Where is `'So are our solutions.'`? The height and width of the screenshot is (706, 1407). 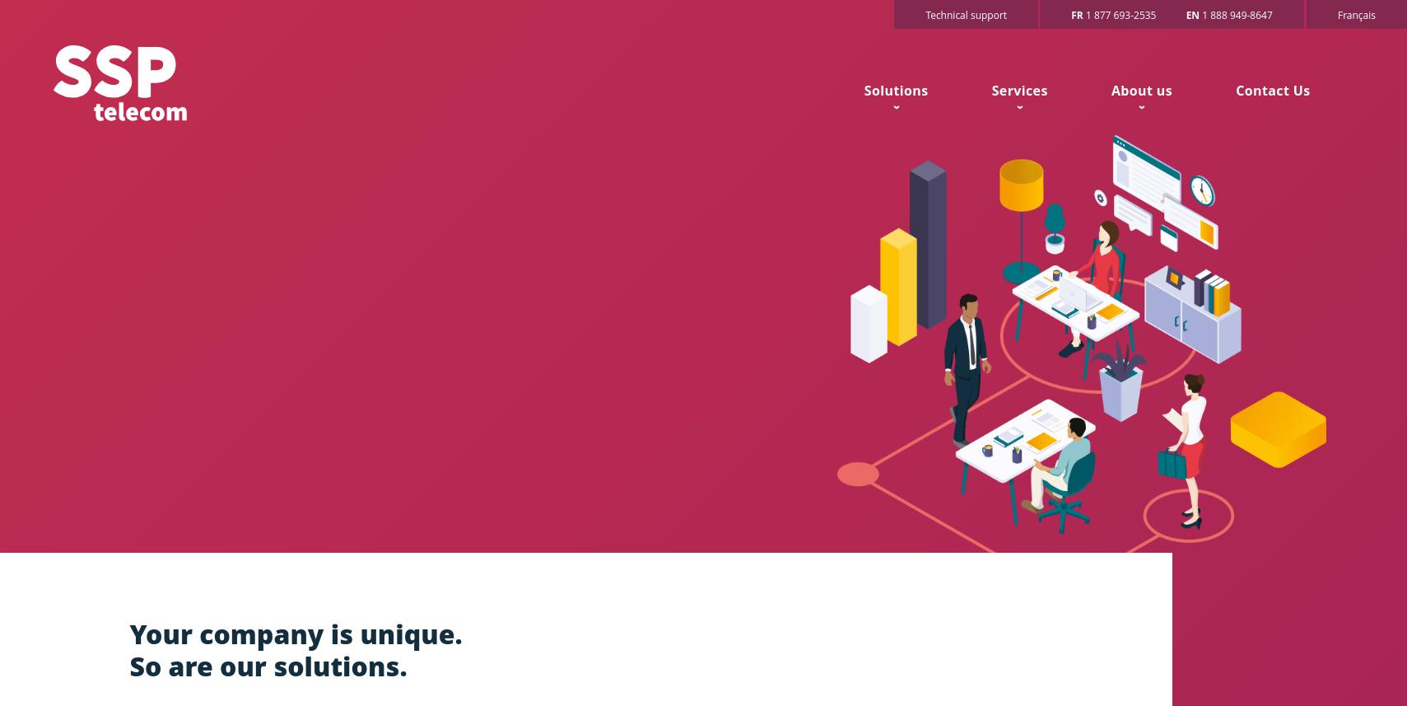
'So are our solutions.' is located at coordinates (128, 666).